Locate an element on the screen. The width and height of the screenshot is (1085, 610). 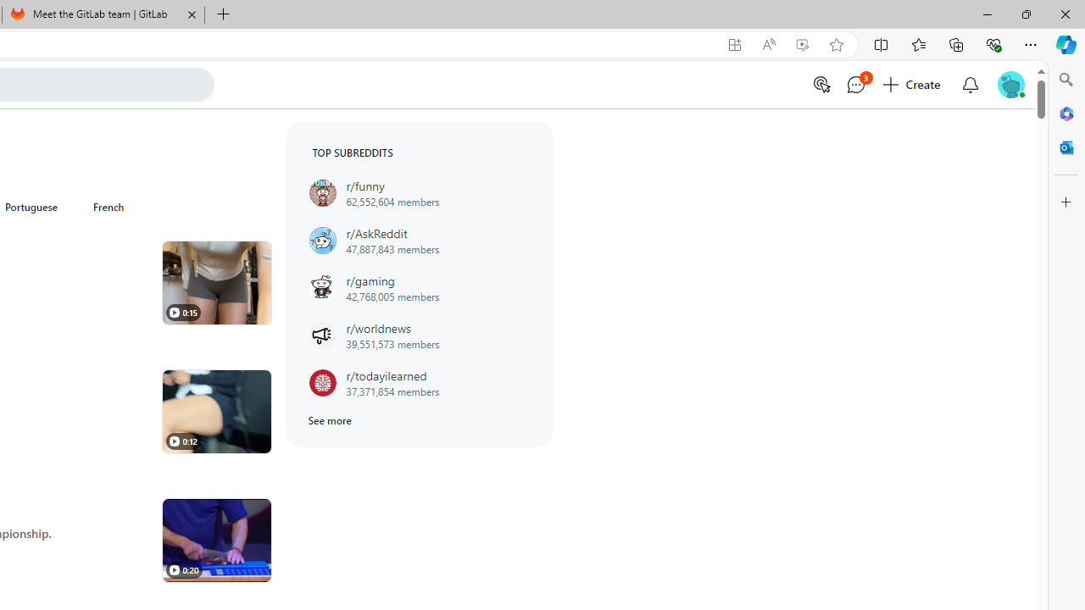
'r/gaming 42,768,005 members' is located at coordinates (419, 286).